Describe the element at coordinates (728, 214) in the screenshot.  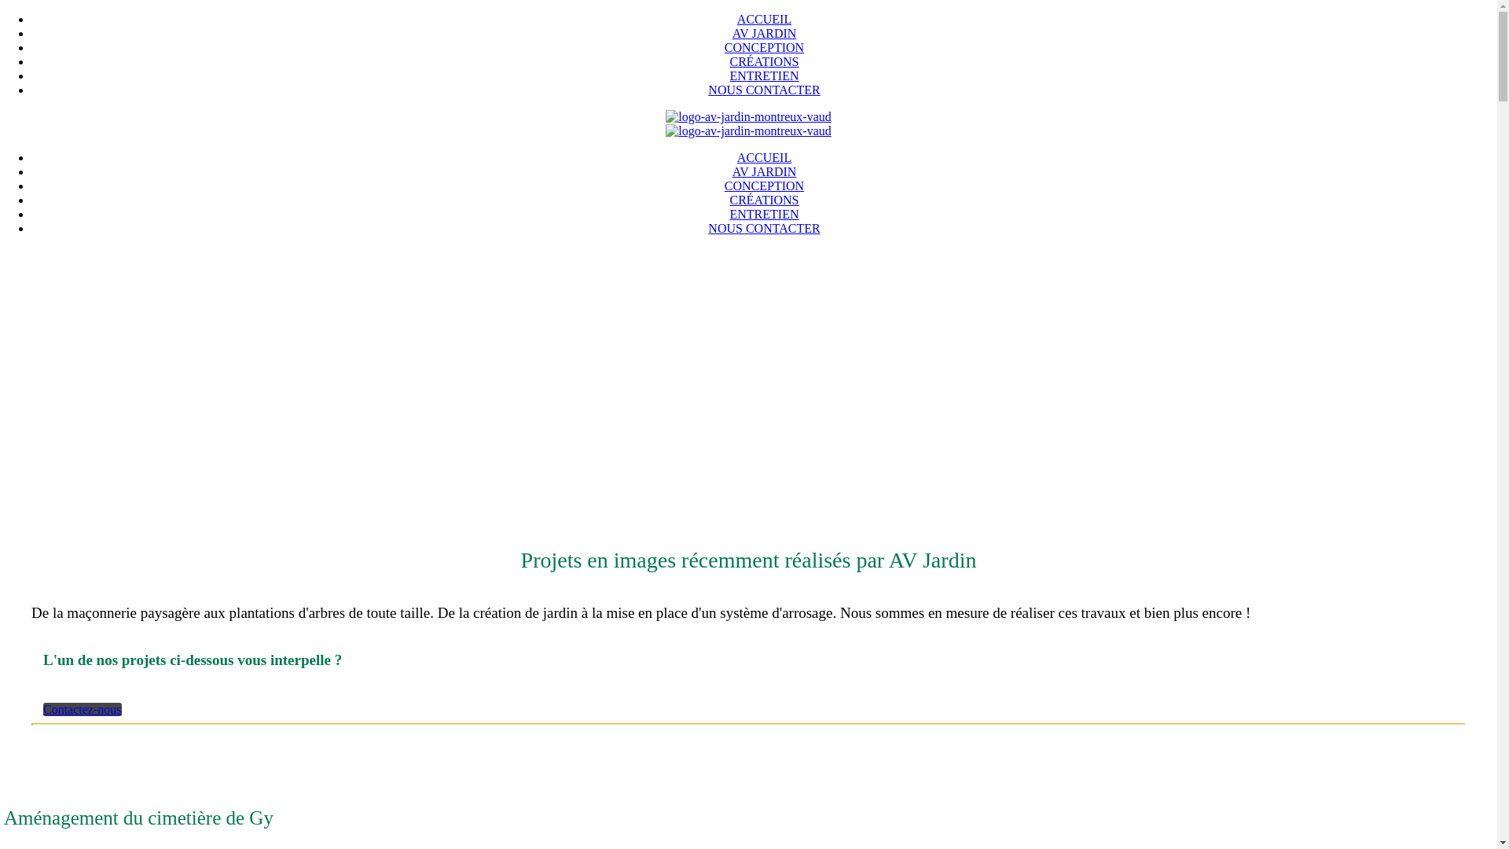
I see `'ENTRETIEN'` at that location.